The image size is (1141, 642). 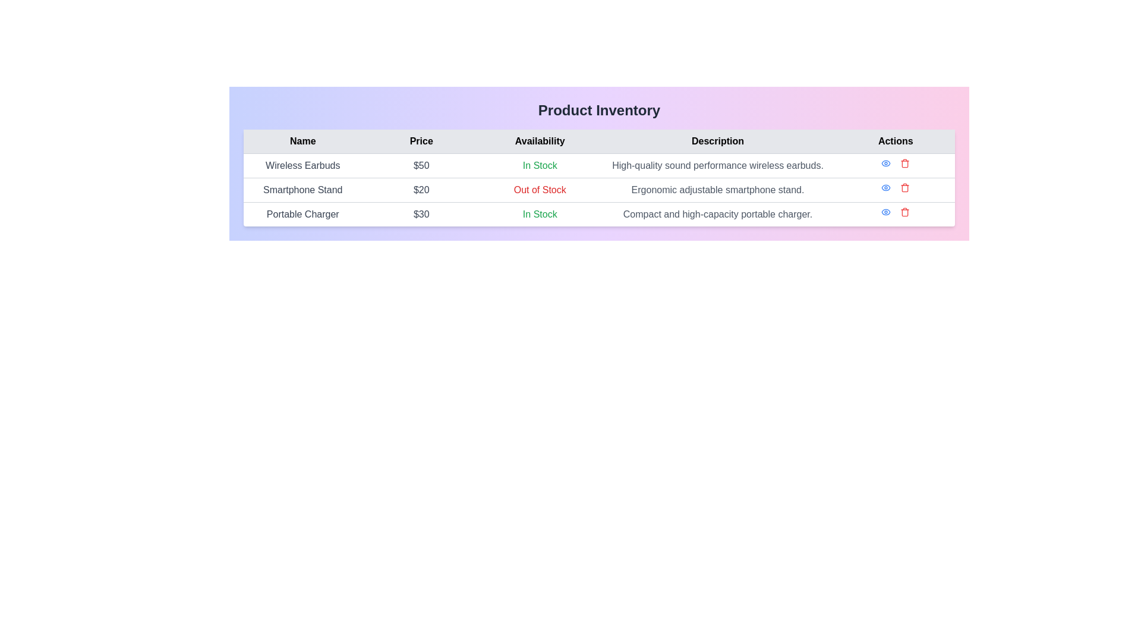 I want to click on the 'Out of Stock' text label in the 'Availability' column of the second row for the item 'Smartphone Stand', so click(x=539, y=189).